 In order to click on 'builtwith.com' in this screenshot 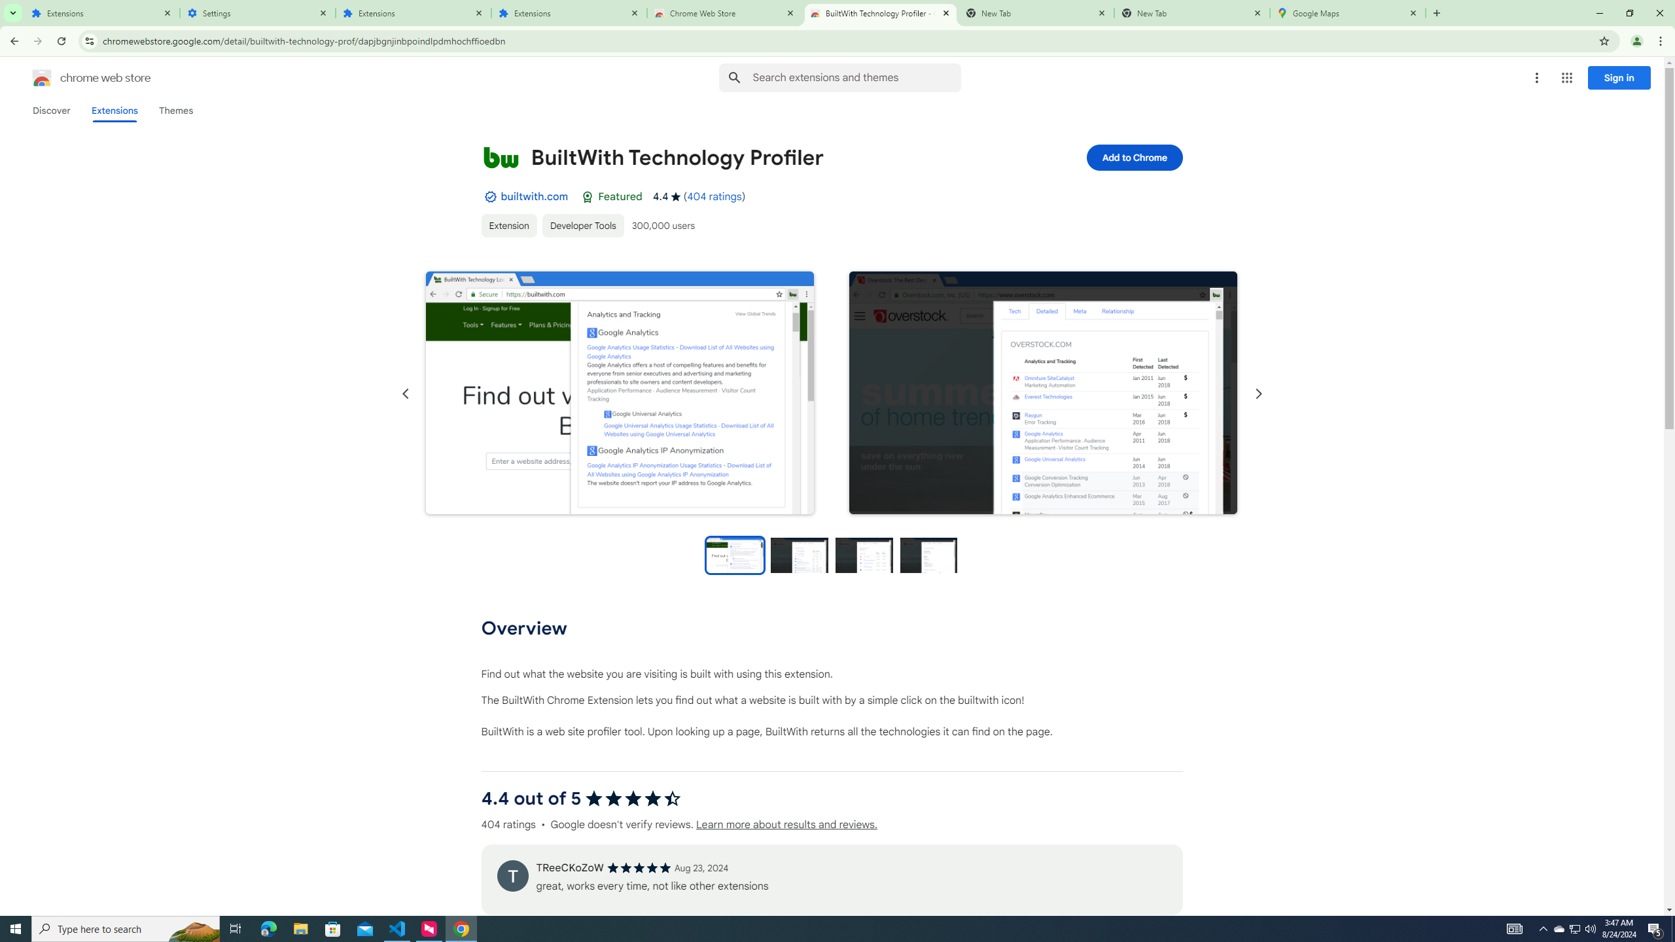, I will do `click(533, 196)`.